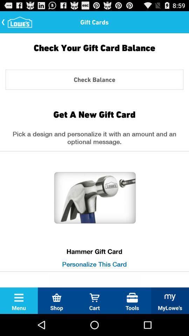 Image resolution: width=189 pixels, height=336 pixels. What do you see at coordinates (94, 114) in the screenshot?
I see `icon above pick a design` at bounding box center [94, 114].